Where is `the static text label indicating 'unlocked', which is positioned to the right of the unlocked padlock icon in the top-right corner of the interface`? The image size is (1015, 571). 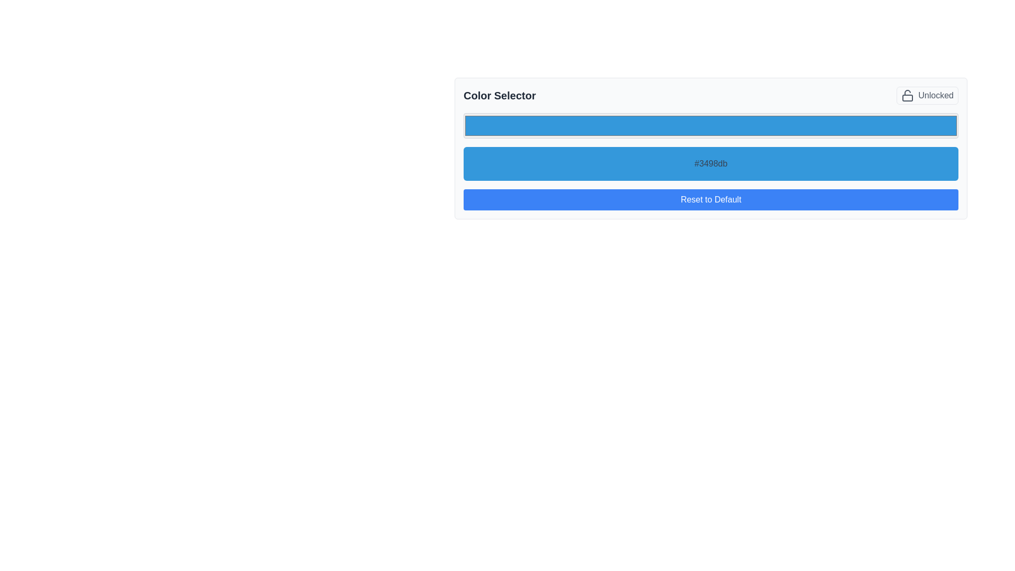 the static text label indicating 'unlocked', which is positioned to the right of the unlocked padlock icon in the top-right corner of the interface is located at coordinates (936, 96).